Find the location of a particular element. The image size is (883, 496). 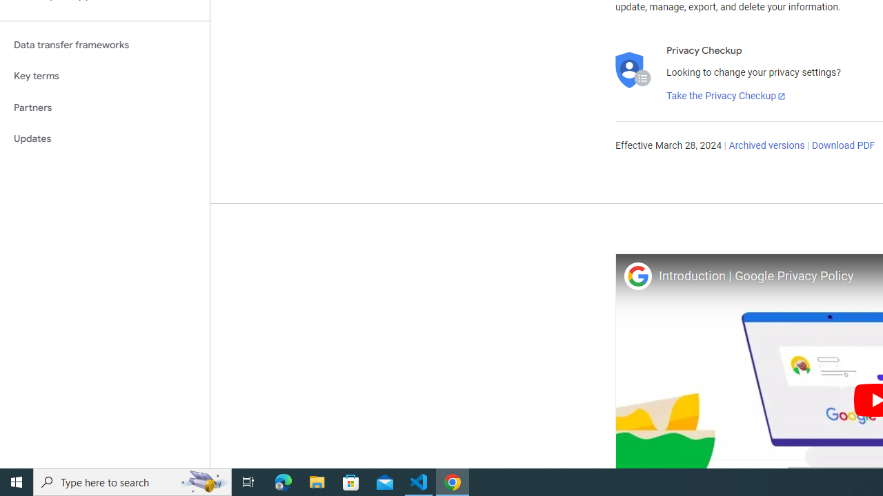

'Photo image of Google' is located at coordinates (637, 276).